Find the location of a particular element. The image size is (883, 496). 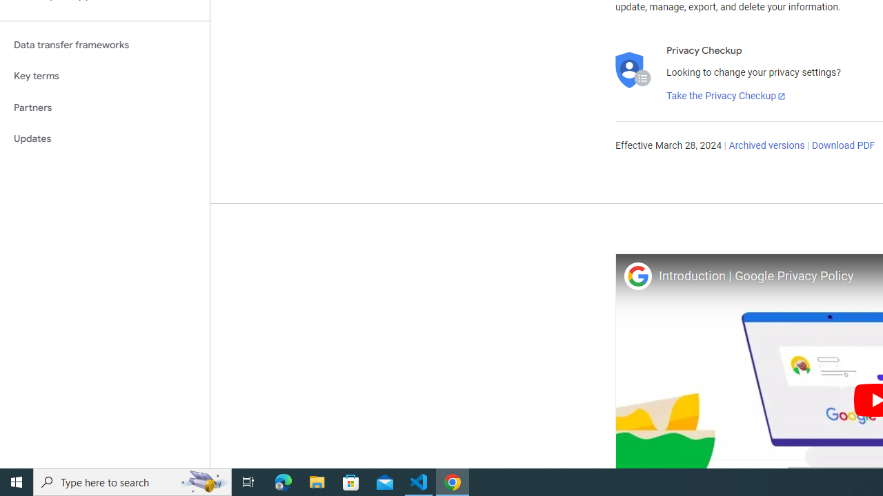

'Photo image of Google' is located at coordinates (637, 276).